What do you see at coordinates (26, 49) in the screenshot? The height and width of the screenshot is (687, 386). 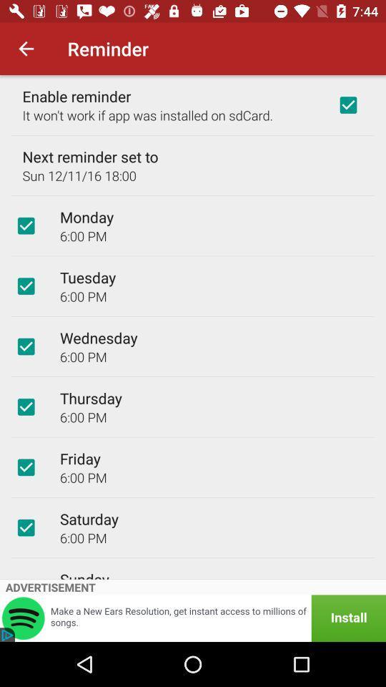 I see `the item above enable reminder icon` at bounding box center [26, 49].